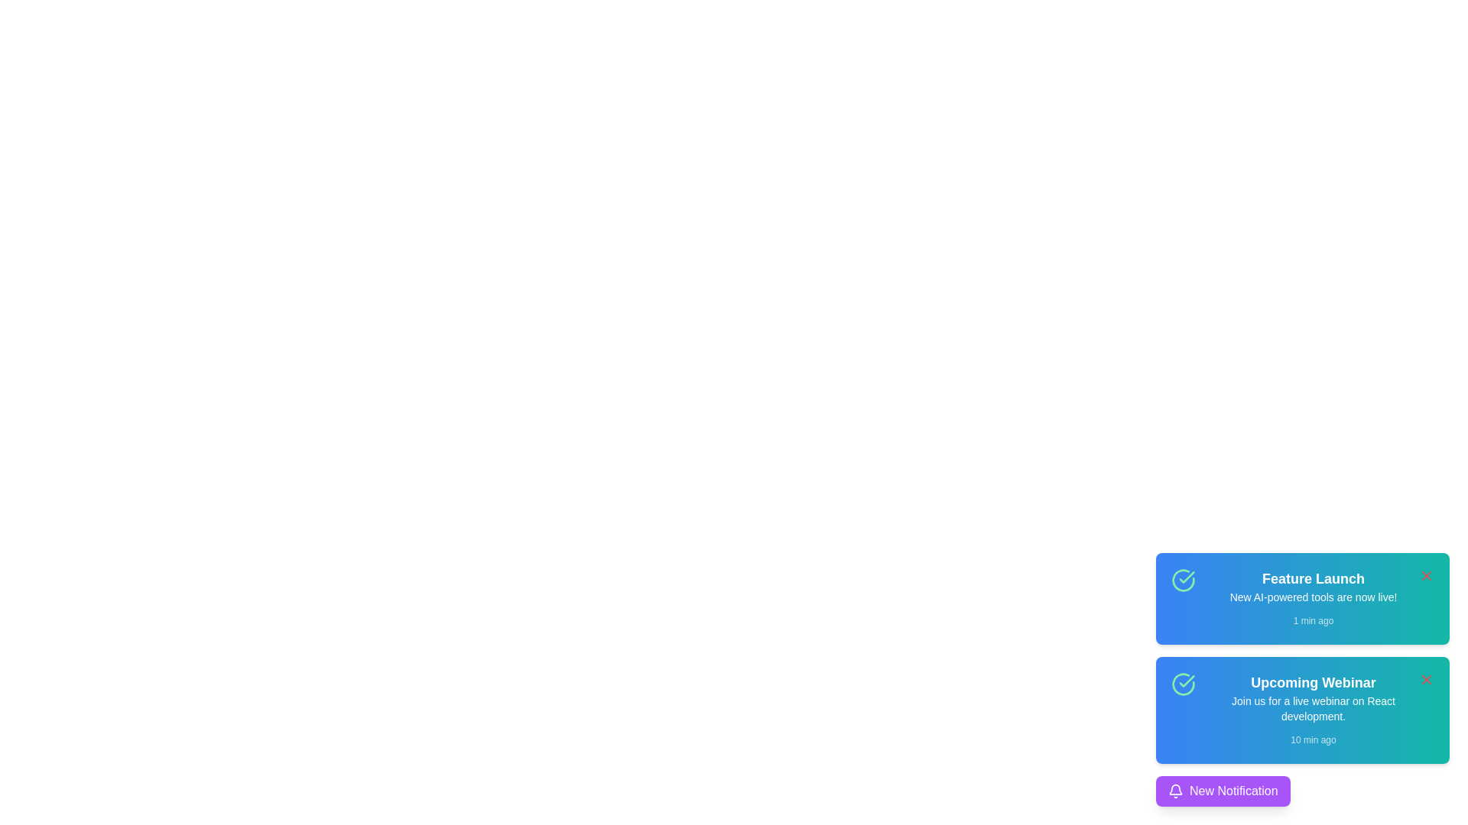 The width and height of the screenshot is (1468, 825). I want to click on dismiss button for the notification titled 'Upcoming Webinar', so click(1426, 679).